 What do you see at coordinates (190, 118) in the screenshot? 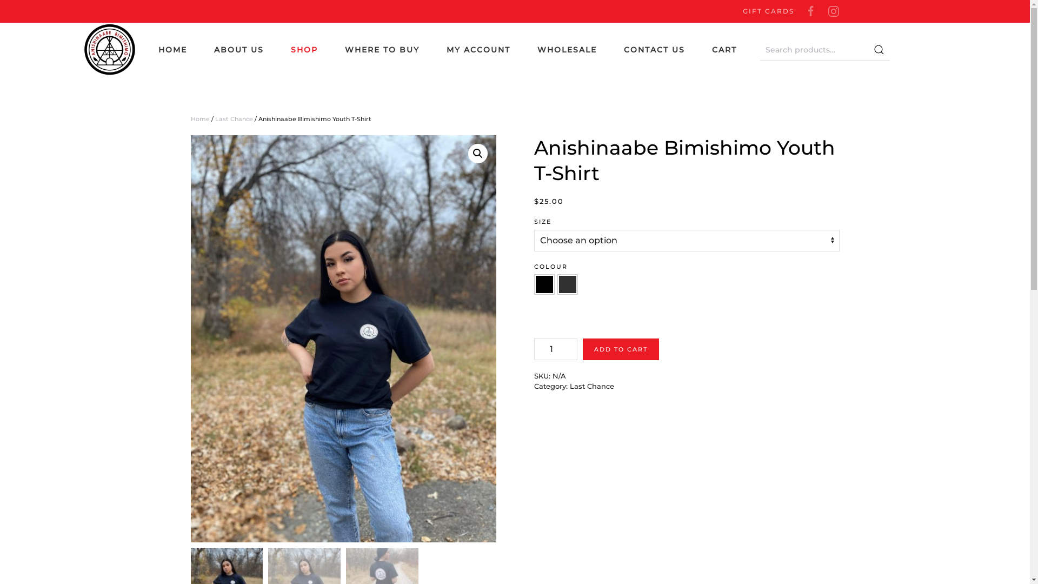
I see `'Home'` at bounding box center [190, 118].